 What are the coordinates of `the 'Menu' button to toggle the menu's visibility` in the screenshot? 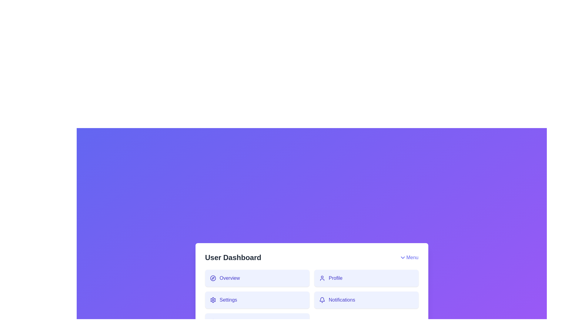 It's located at (409, 258).